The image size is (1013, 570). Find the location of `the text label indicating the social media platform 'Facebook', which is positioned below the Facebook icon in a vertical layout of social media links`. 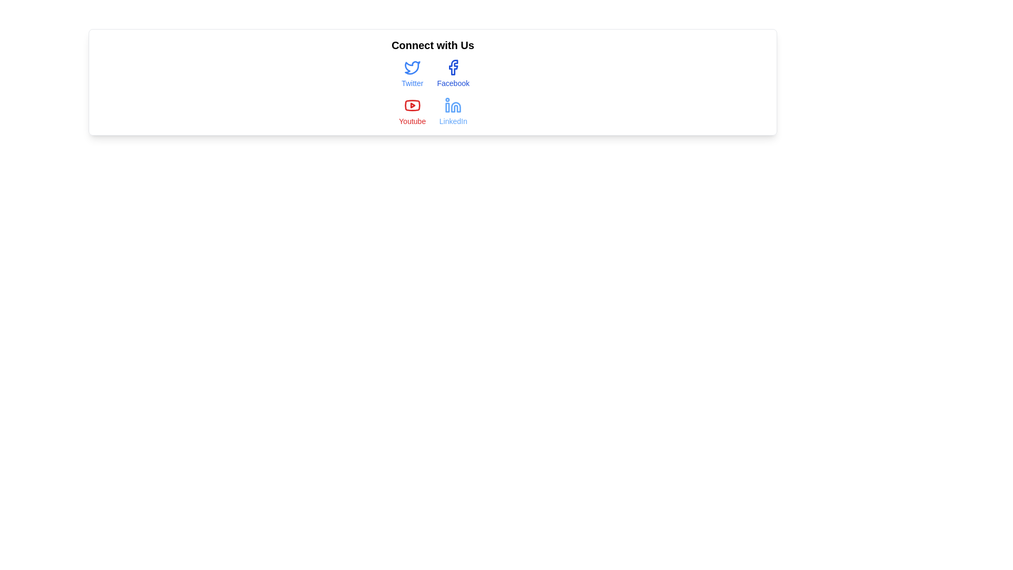

the text label indicating the social media platform 'Facebook', which is positioned below the Facebook icon in a vertical layout of social media links is located at coordinates (453, 83).